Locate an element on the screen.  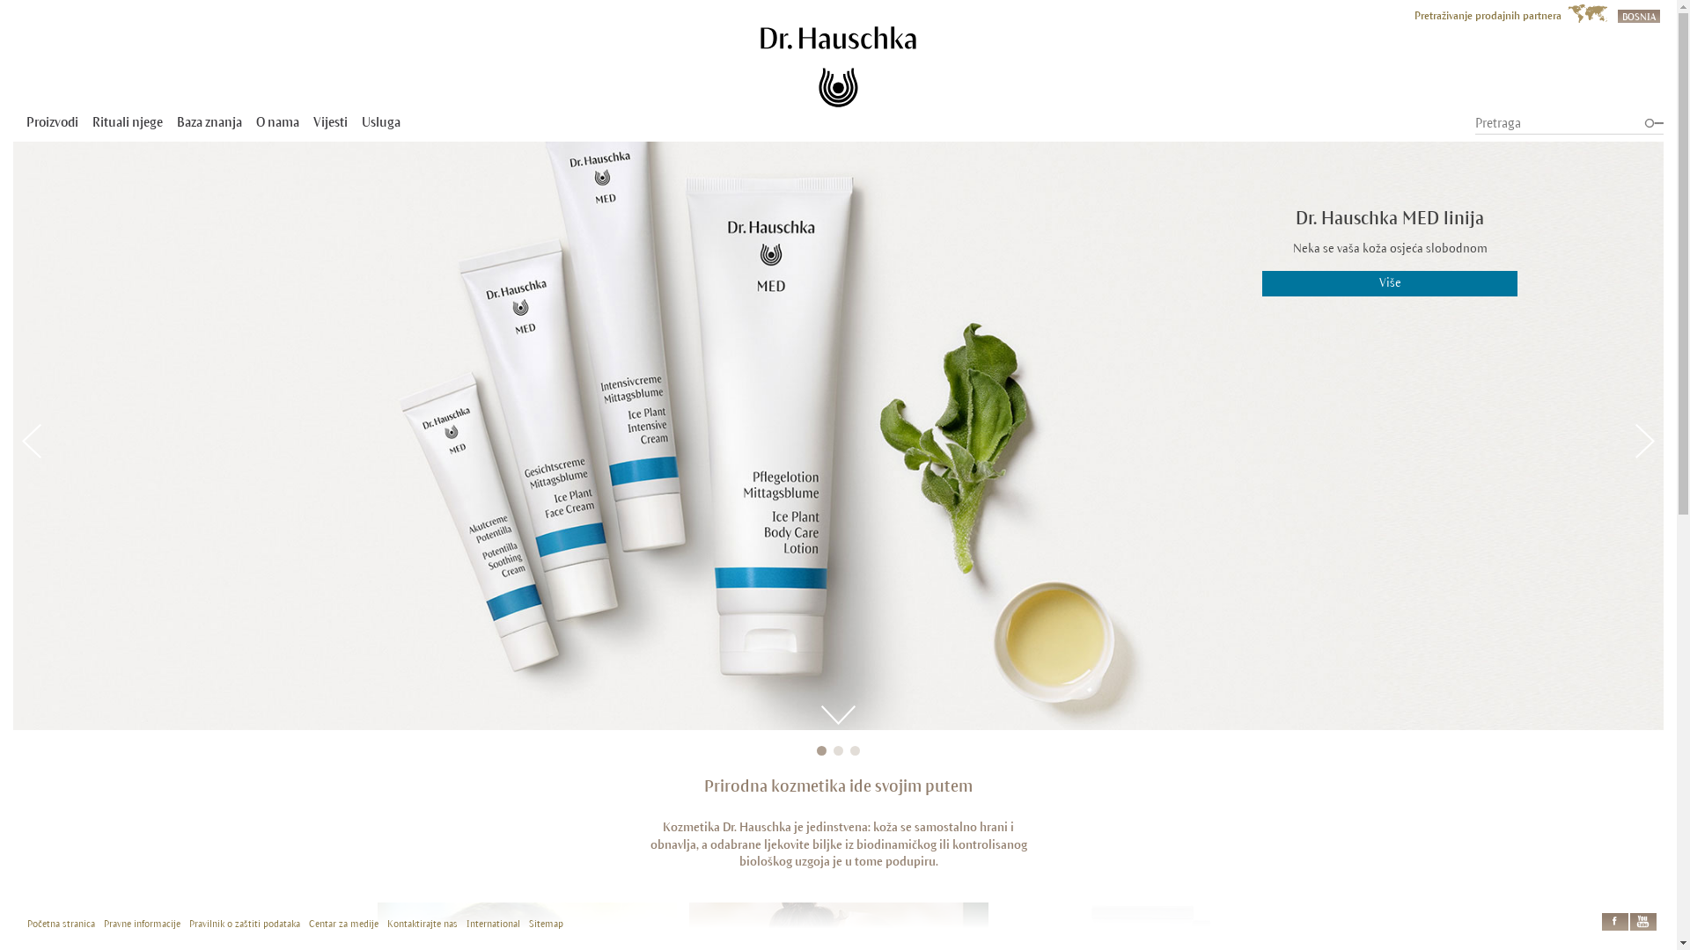
'Centar za medije' is located at coordinates (343, 923).